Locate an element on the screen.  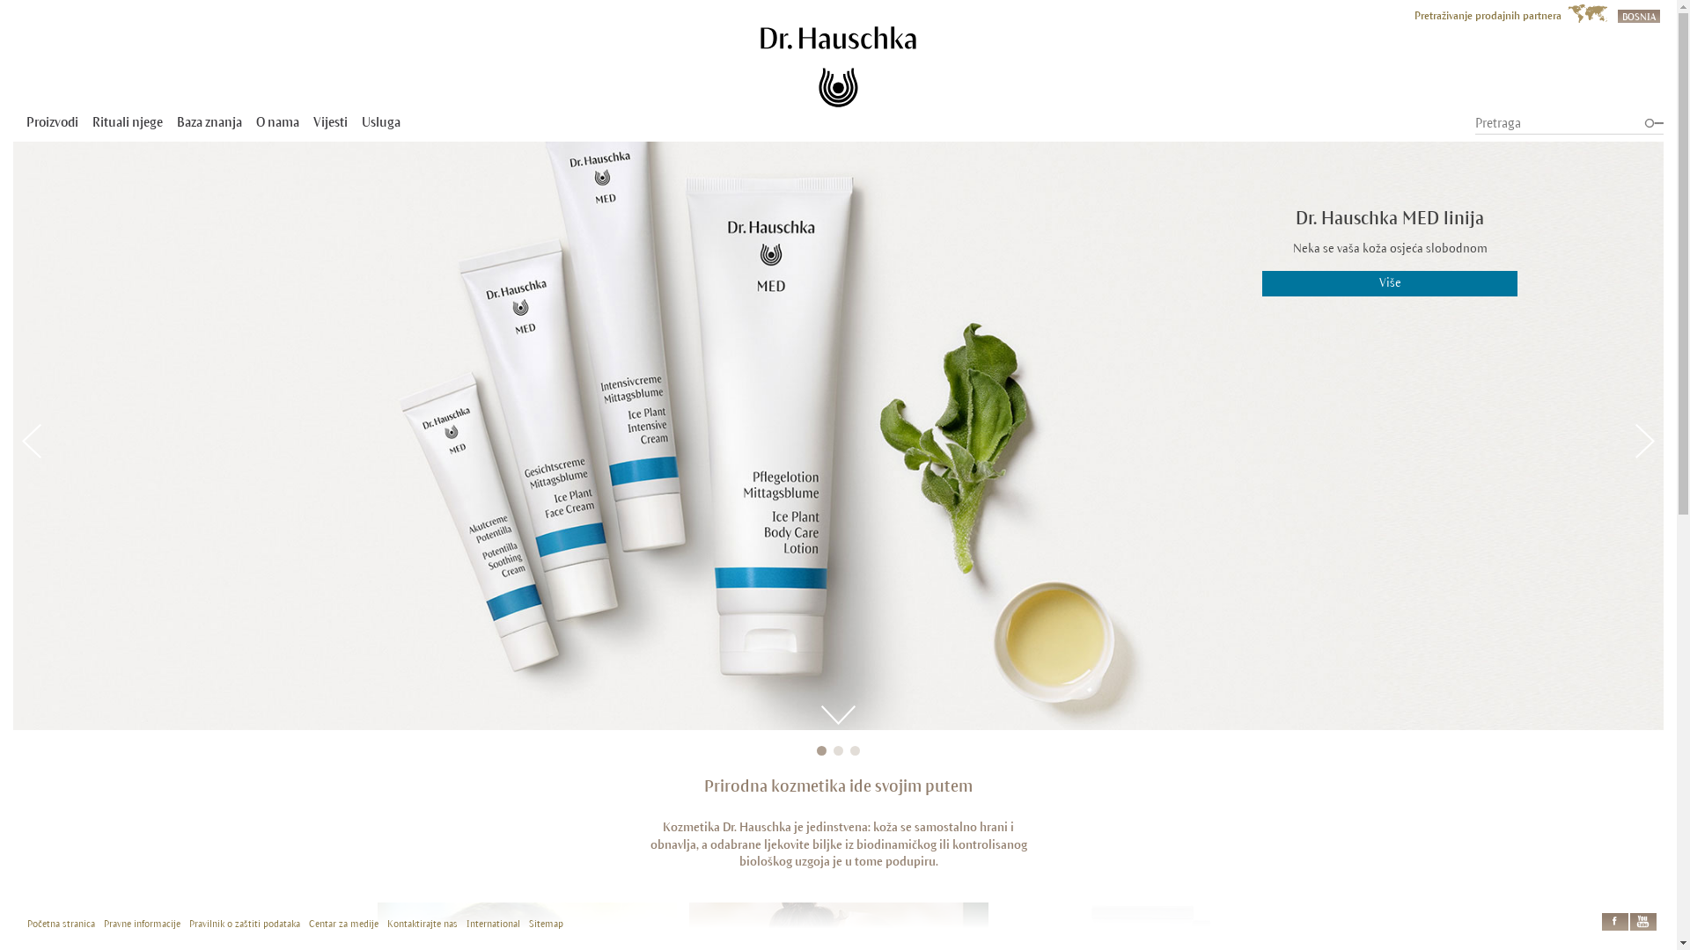
'Centar za medije' is located at coordinates (343, 923).